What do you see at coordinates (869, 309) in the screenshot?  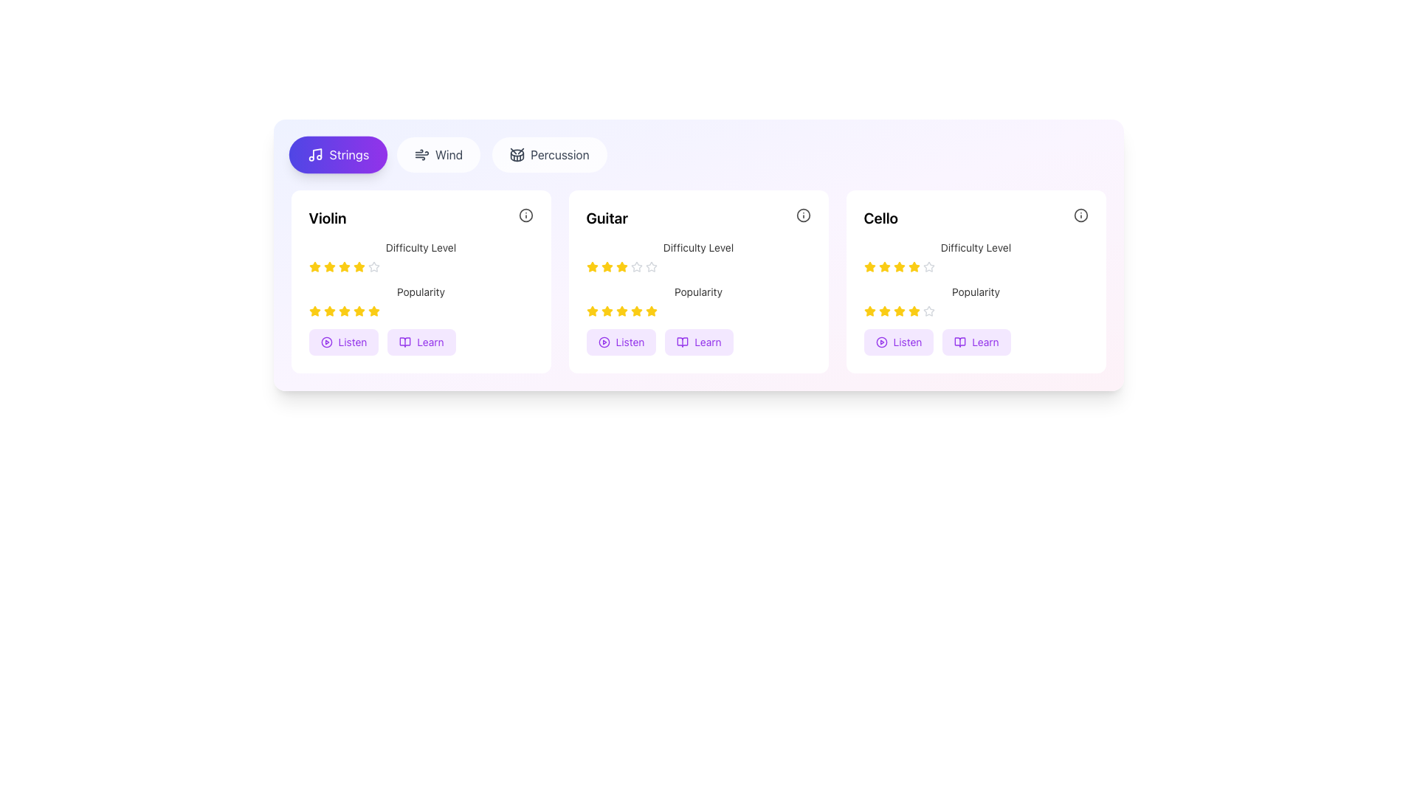 I see `the fourth star icon in the five-star rating row under the 'Popularity' label in the 'Cello' section to interact with the rating system` at bounding box center [869, 309].